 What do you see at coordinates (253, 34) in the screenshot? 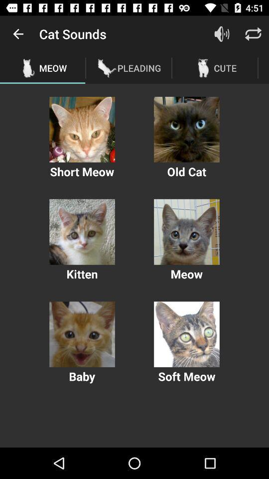
I see `this button refreshes the page to show any new updates` at bounding box center [253, 34].